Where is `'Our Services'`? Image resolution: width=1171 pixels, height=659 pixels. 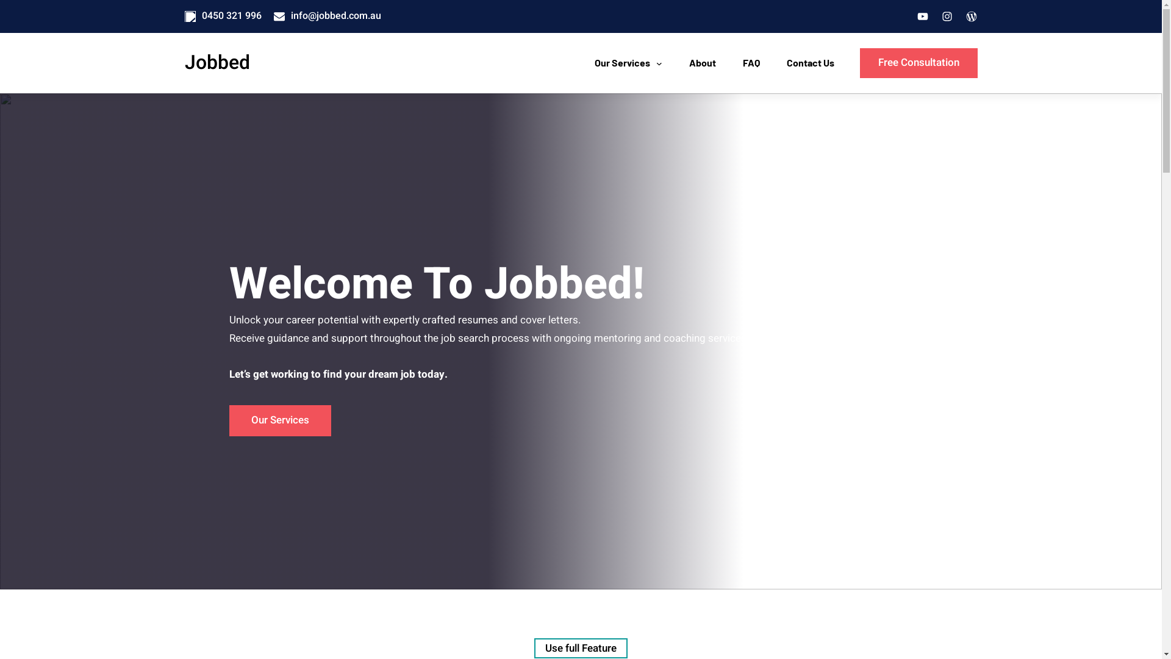
'Our Services' is located at coordinates (279, 420).